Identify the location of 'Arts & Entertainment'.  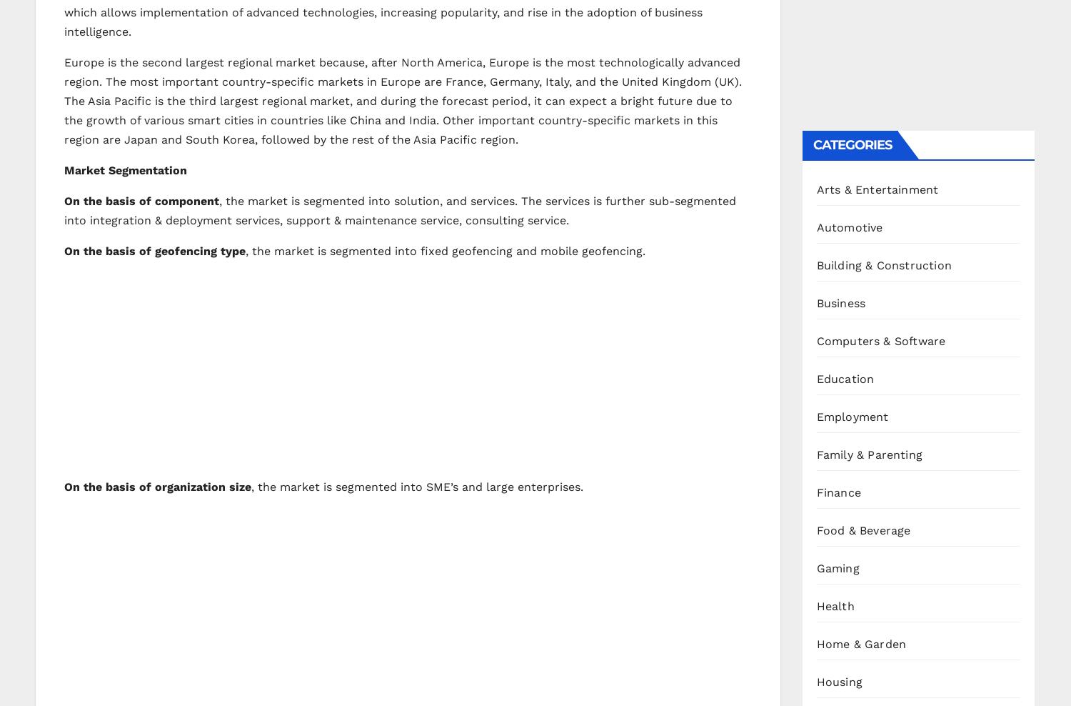
(876, 188).